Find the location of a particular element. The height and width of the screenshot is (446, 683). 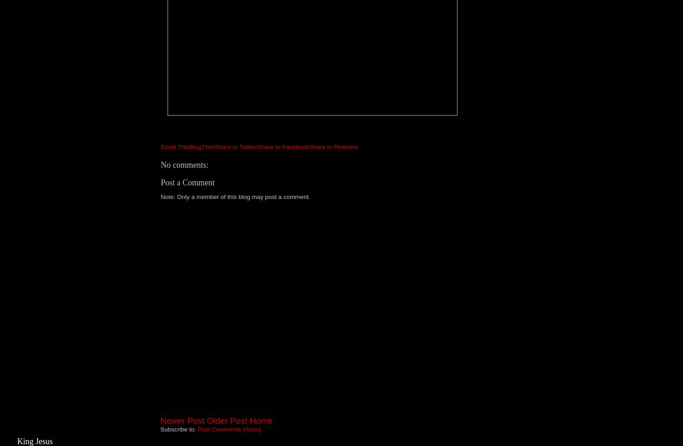

'Older Post' is located at coordinates (226, 421).